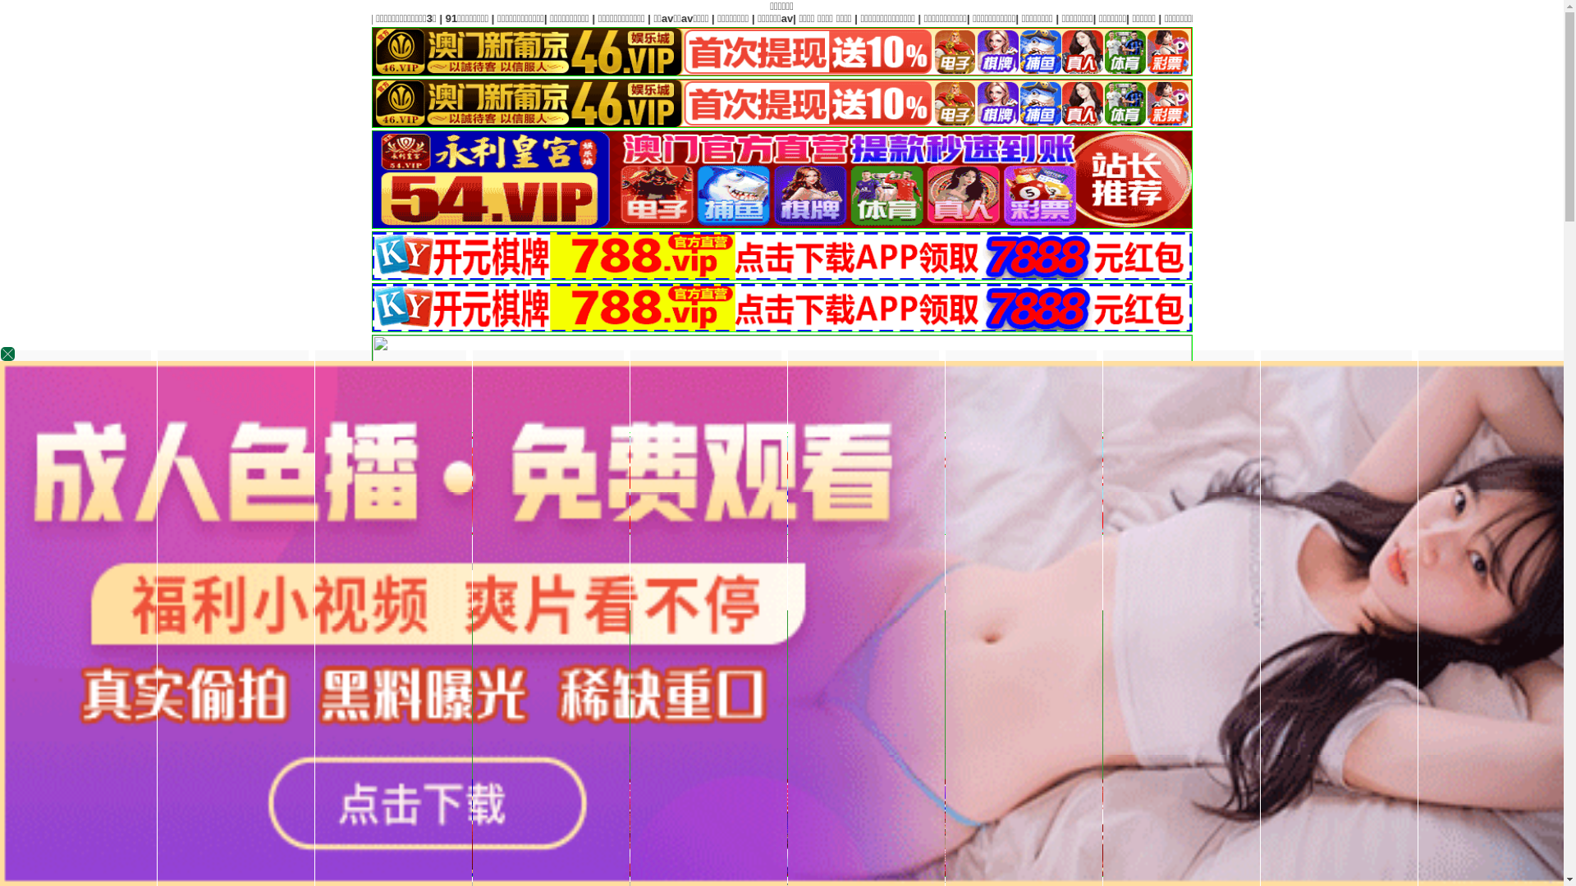 Image resolution: width=1576 pixels, height=886 pixels. What do you see at coordinates (1134, 750) in the screenshot?
I see `'|'` at bounding box center [1134, 750].